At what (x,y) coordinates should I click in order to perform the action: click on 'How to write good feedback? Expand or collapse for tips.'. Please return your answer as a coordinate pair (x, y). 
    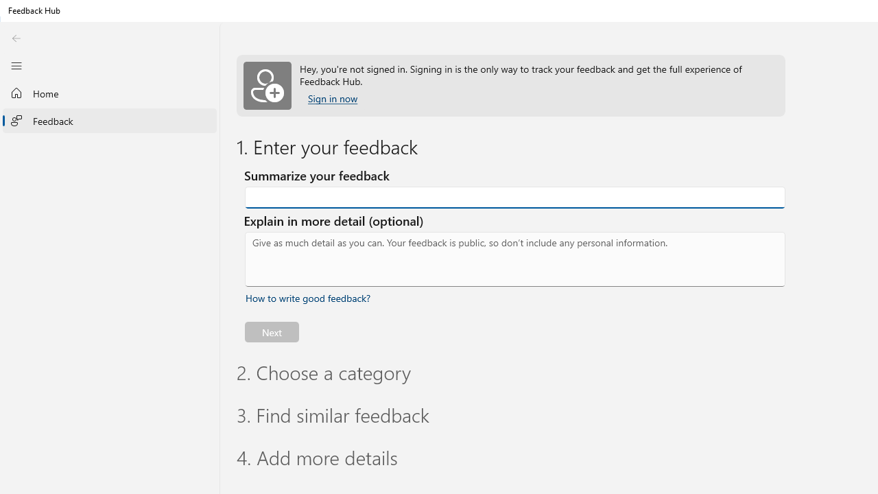
    Looking at the image, I should click on (307, 297).